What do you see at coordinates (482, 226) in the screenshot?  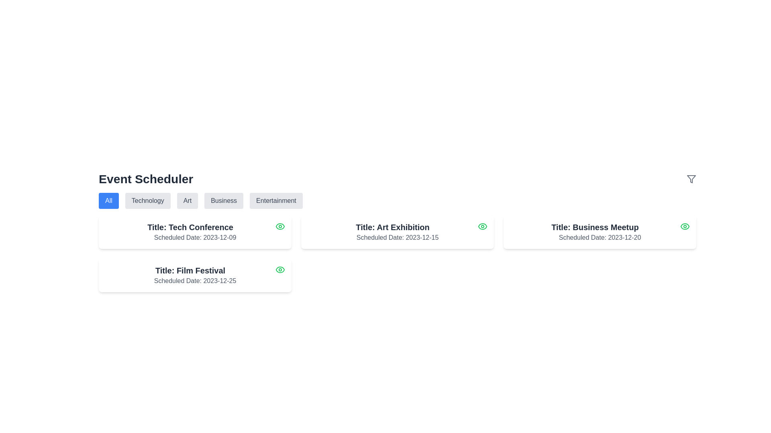 I see `the eye icon located in the top-right corner of the 'Art Exhibition' card` at bounding box center [482, 226].